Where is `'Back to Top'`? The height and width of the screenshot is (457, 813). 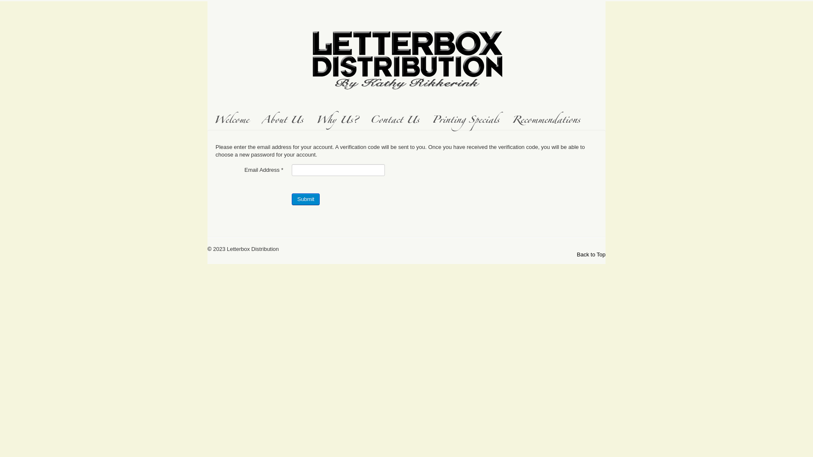 'Back to Top' is located at coordinates (591, 254).